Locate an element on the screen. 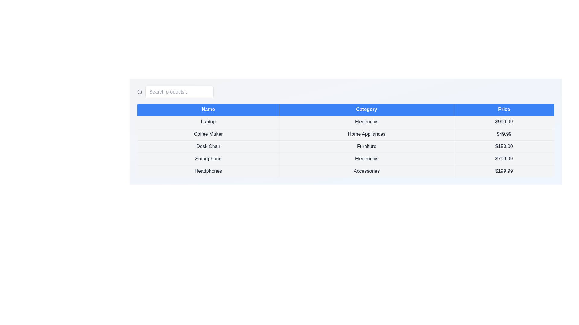  the text field displaying the price '$199.99' in black font, located in the last row under the 'Price' column for the 'Headphones' item is located at coordinates (504, 171).